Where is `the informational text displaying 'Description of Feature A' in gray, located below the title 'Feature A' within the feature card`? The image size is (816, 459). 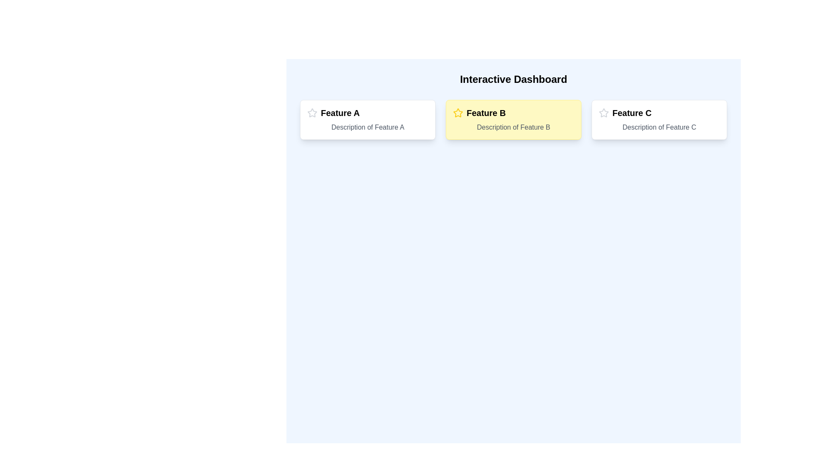
the informational text displaying 'Description of Feature A' in gray, located below the title 'Feature A' within the feature card is located at coordinates (368, 127).